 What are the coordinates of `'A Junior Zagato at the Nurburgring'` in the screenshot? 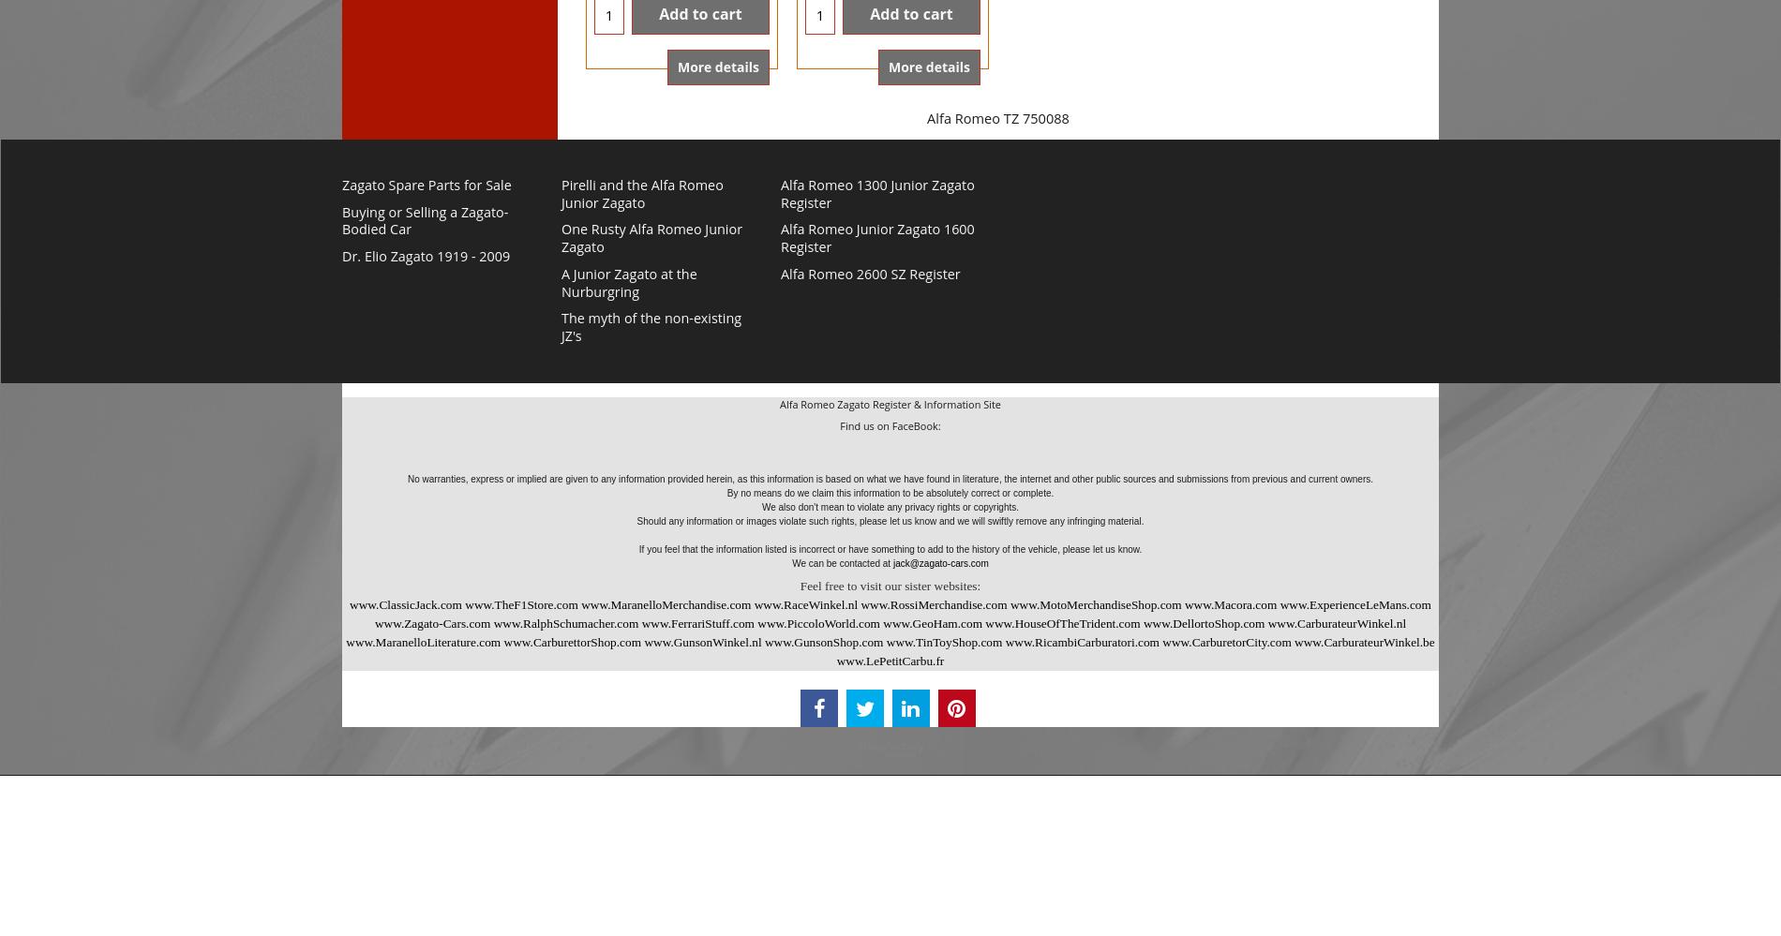 It's located at (561, 280).